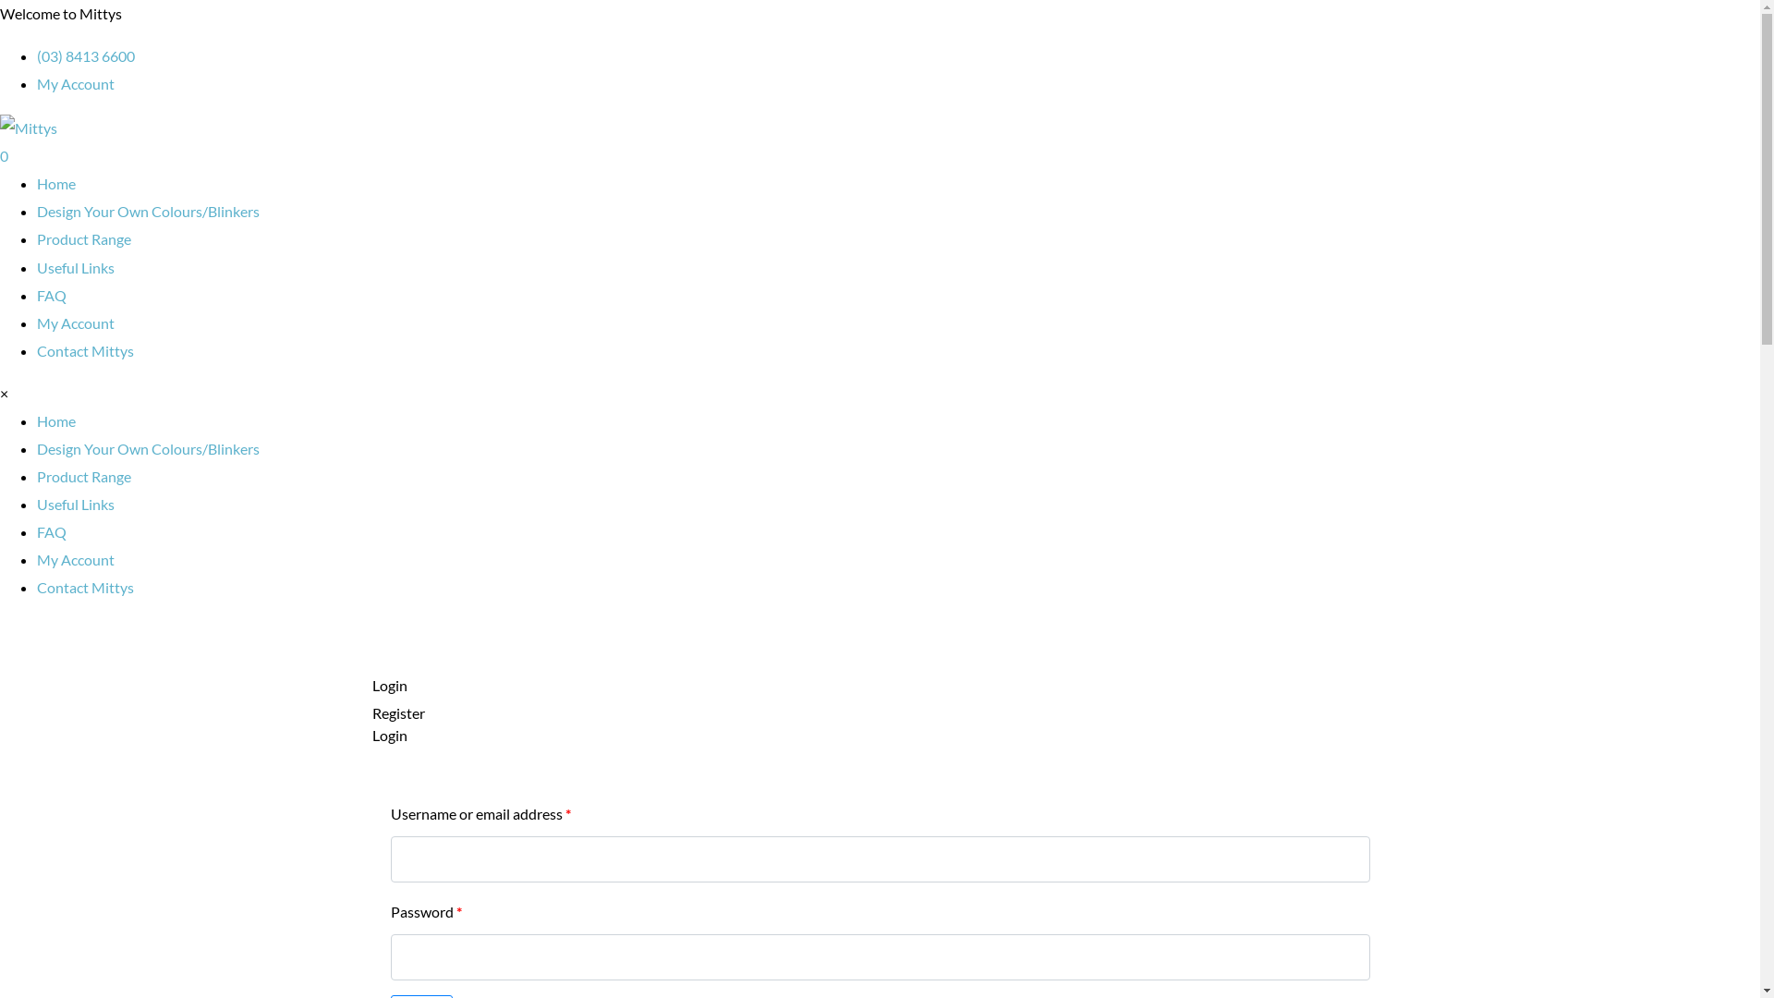  Describe the element at coordinates (36, 531) in the screenshot. I see `'FAQ'` at that location.